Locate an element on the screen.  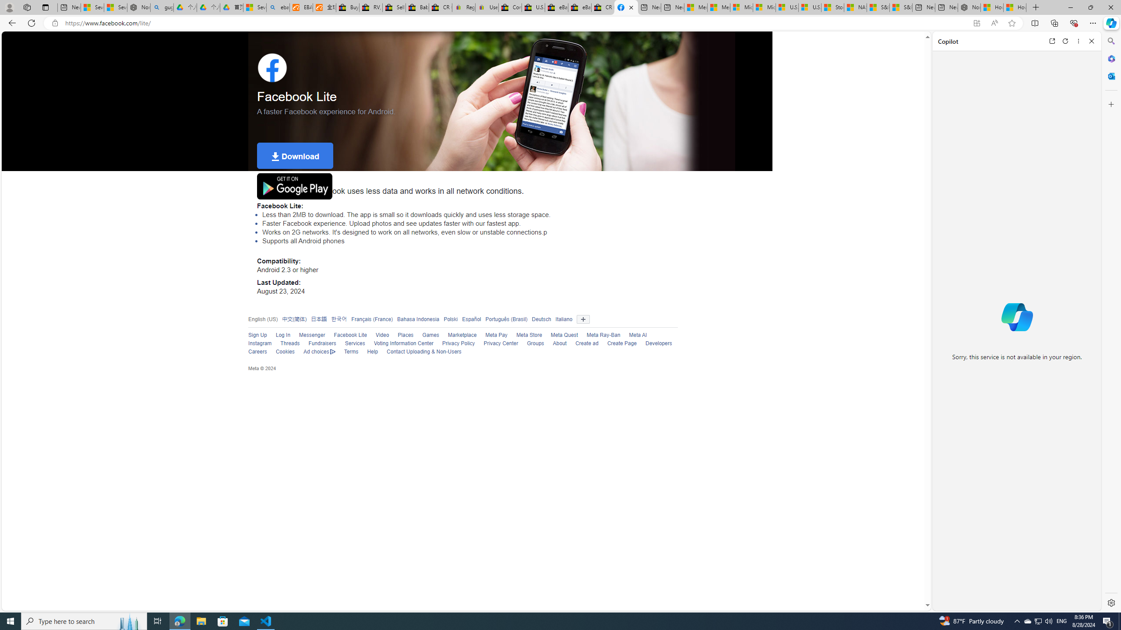
'Workspaces' is located at coordinates (27, 7).